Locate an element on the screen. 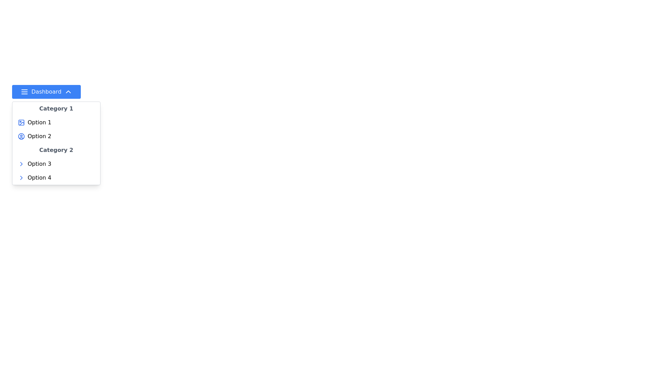  the blue 'Dashboard' button with rounded corners is located at coordinates (46, 92).